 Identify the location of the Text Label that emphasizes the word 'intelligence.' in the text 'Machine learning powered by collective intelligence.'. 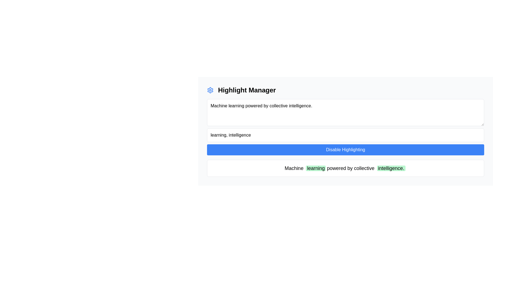
(391, 168).